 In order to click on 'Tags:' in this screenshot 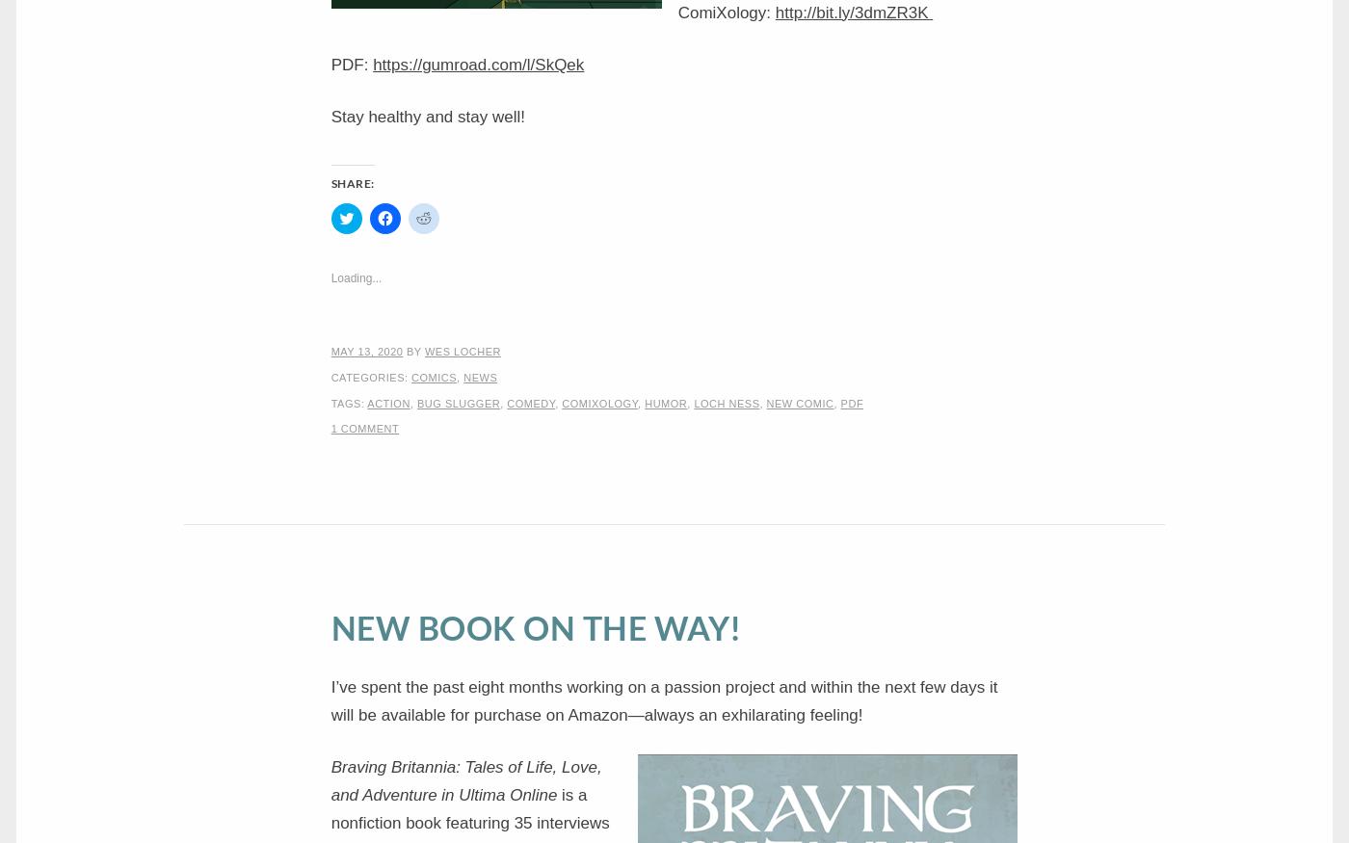, I will do `click(349, 401)`.